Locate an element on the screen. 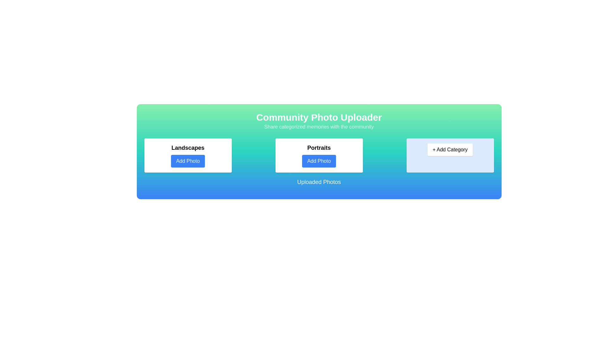 The image size is (608, 342). the text label that says 'Community Photo Uploader', which is prominently displayed in a large, bold, white font on a green-to-blue gradient background at the top of the interface is located at coordinates (319, 117).